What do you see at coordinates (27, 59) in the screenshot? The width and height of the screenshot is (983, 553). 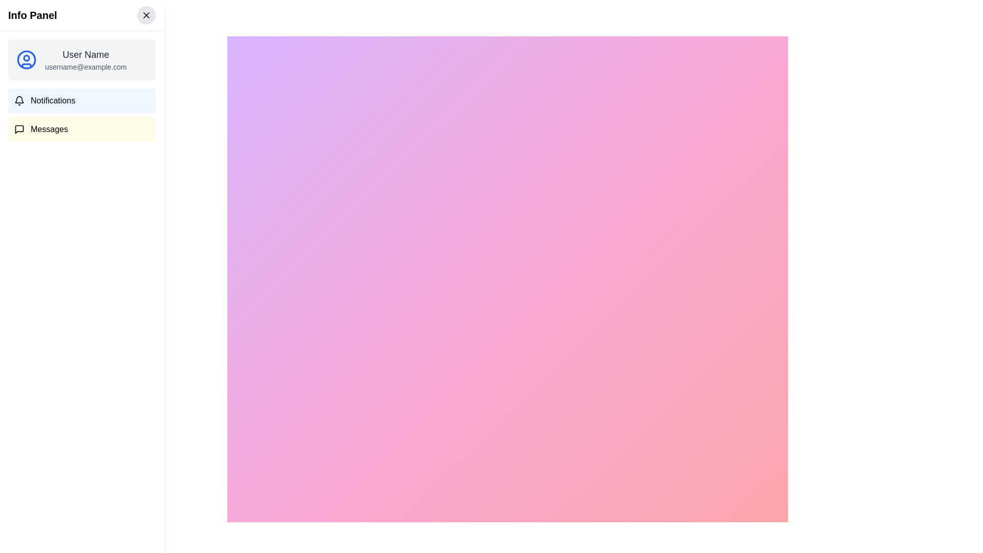 I see `the user profile icon located in the top section of the left-hand information panel, which is positioned to the left of the 'User Name' and 'username@example.com' text components, to initiate profile-related actions` at bounding box center [27, 59].